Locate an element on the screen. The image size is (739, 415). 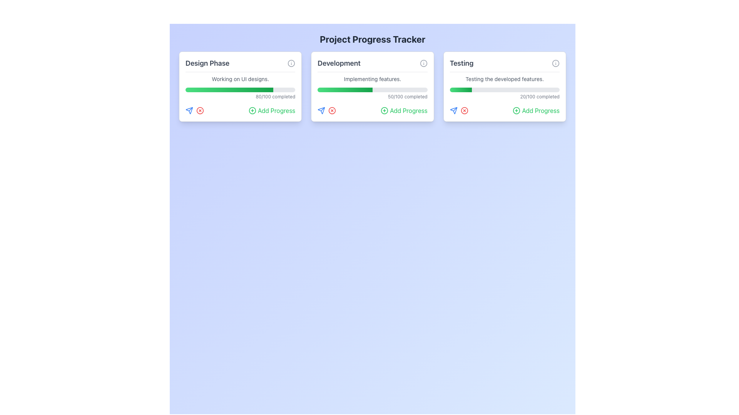
the delete icon located at the bottom-left side of the 'Design Phase' card is located at coordinates (200, 111).